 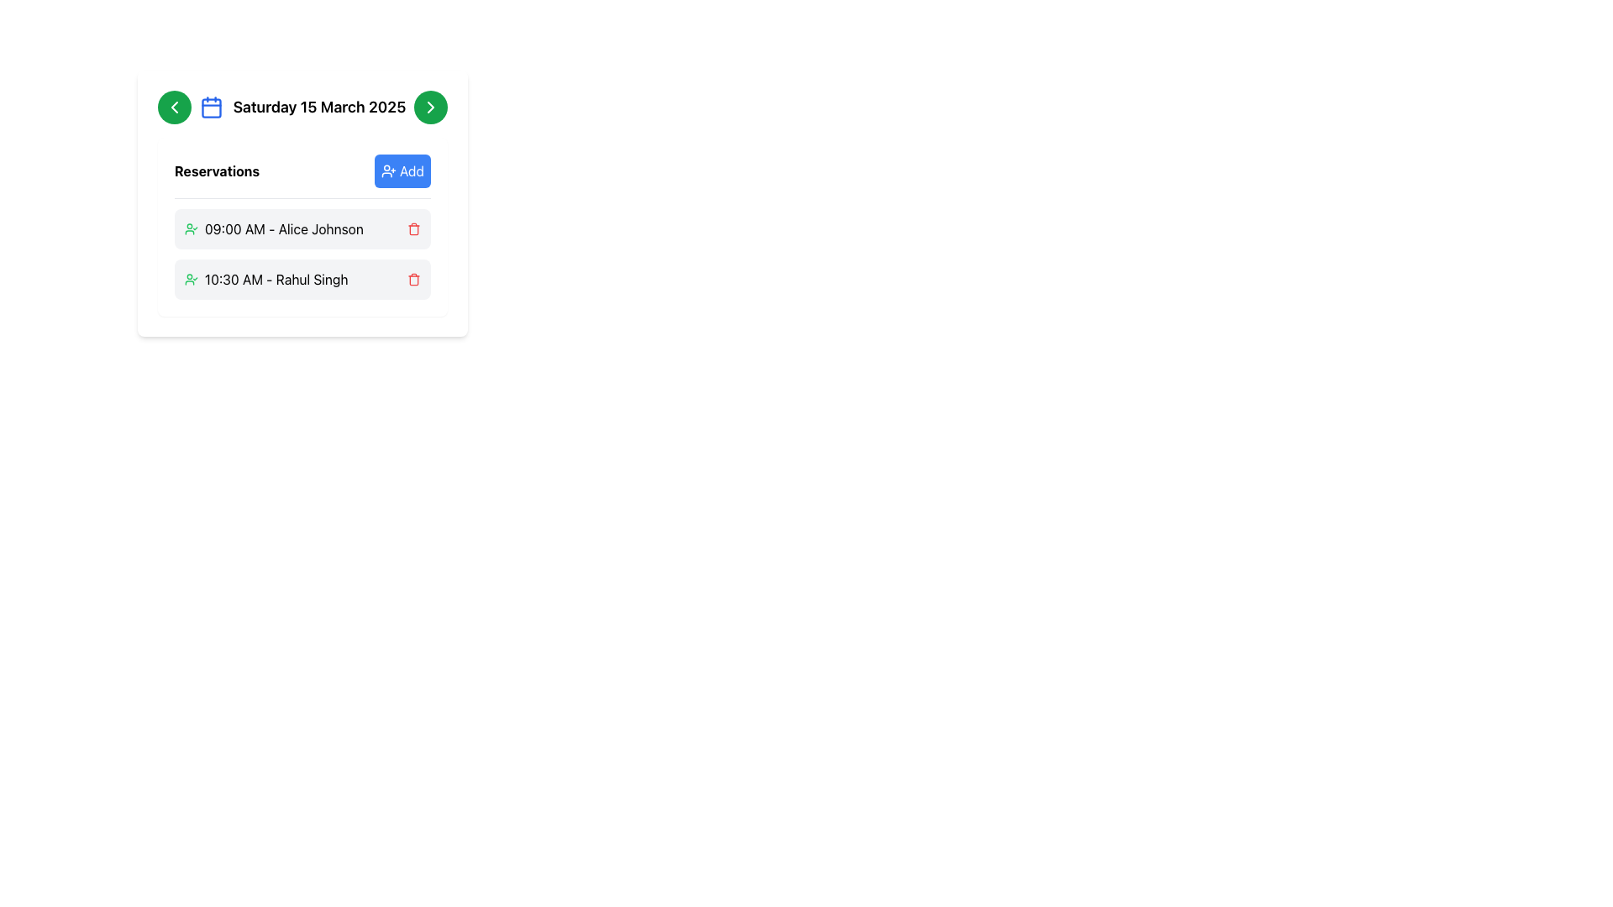 What do you see at coordinates (302, 229) in the screenshot?
I see `the reserved time slot for 'Alice Johnson' at '09:00 AM'` at bounding box center [302, 229].